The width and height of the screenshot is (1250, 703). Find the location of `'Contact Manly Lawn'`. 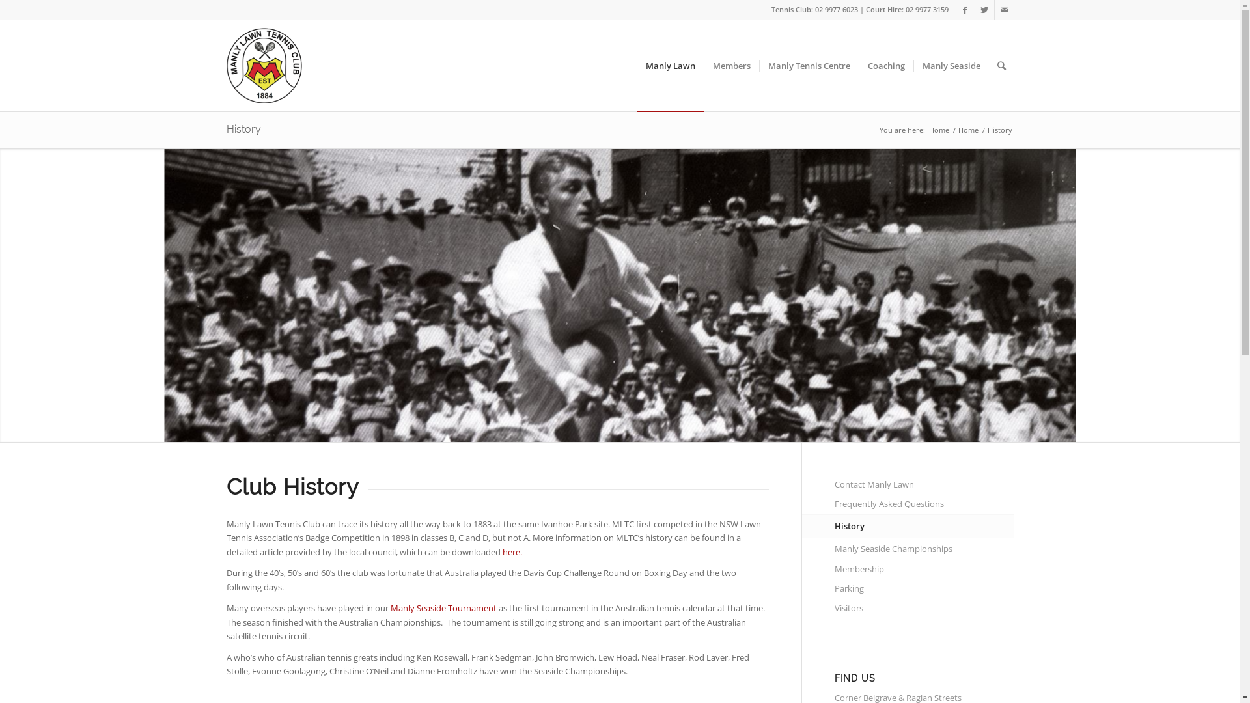

'Contact Manly Lawn' is located at coordinates (924, 484).